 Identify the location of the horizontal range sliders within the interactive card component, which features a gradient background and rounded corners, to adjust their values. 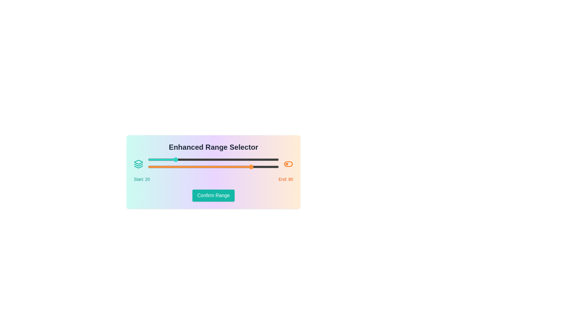
(214, 172).